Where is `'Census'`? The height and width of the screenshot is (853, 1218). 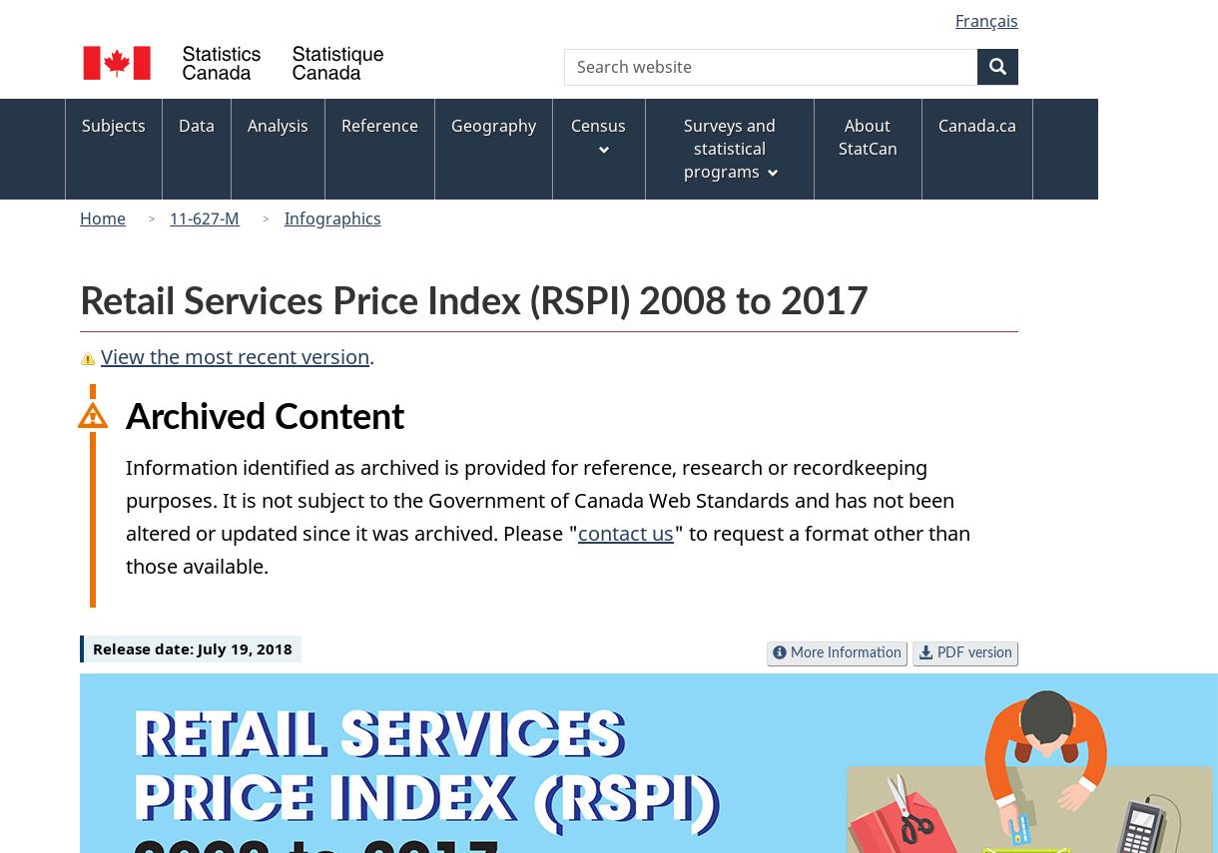
'Census' is located at coordinates (597, 124).